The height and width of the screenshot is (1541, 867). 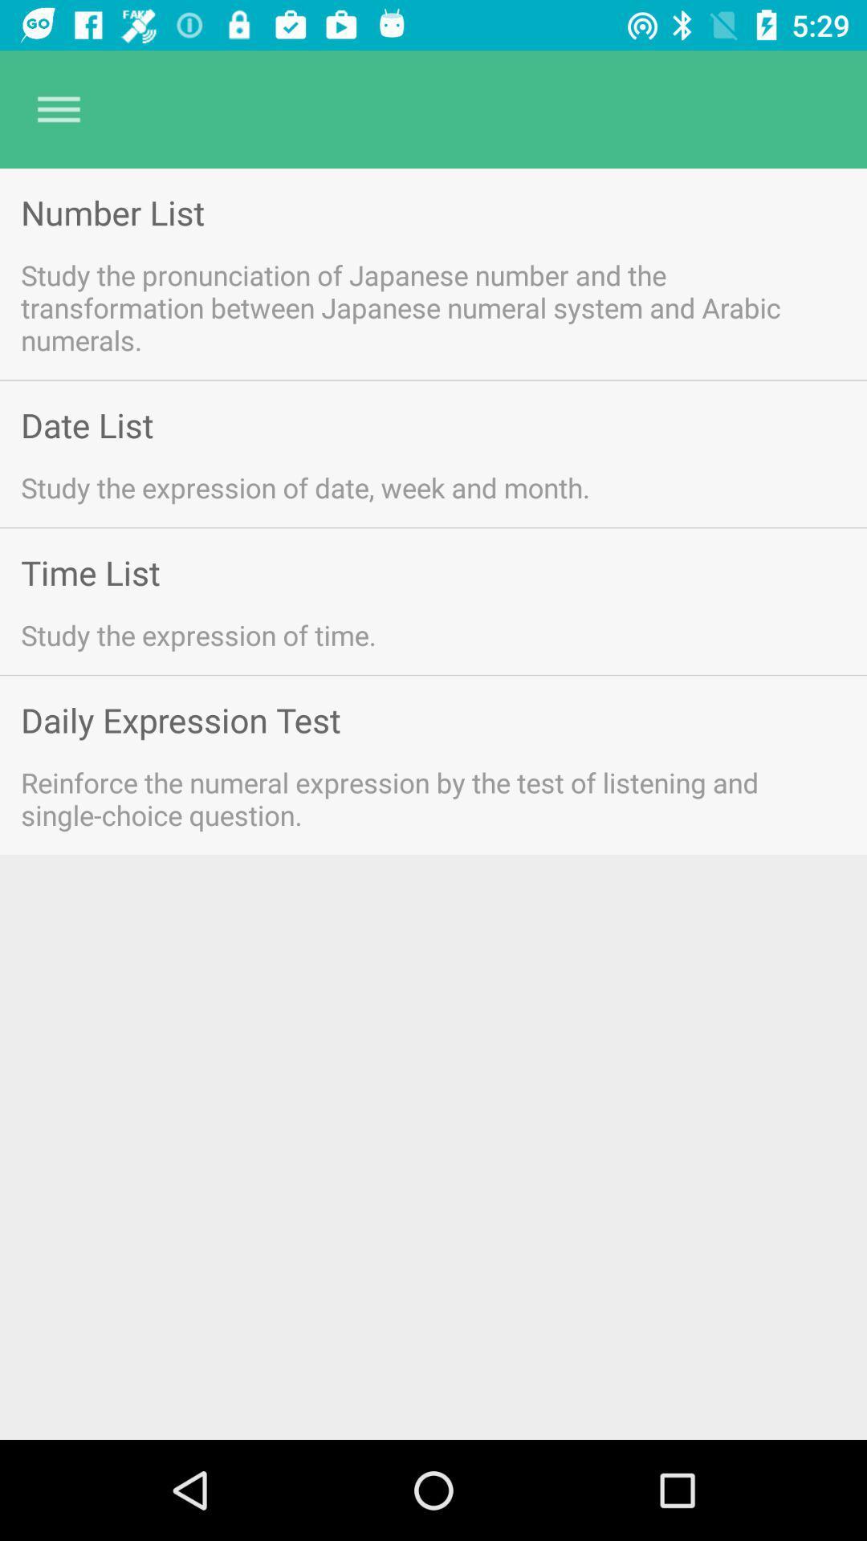 I want to click on the date list icon, so click(x=87, y=425).